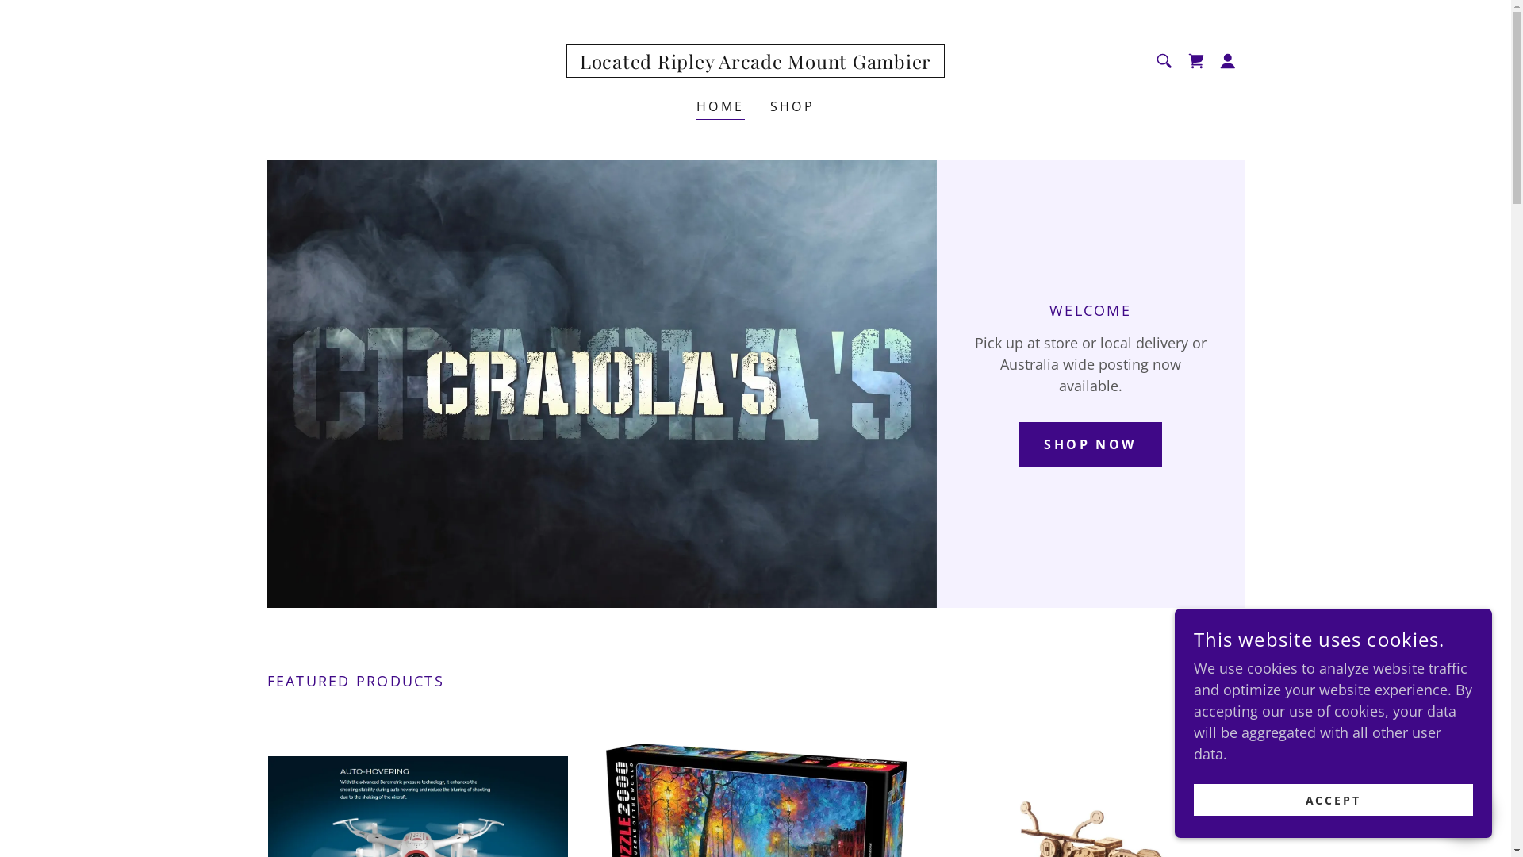 Image resolution: width=1523 pixels, height=857 pixels. I want to click on 'HOME', so click(719, 107).